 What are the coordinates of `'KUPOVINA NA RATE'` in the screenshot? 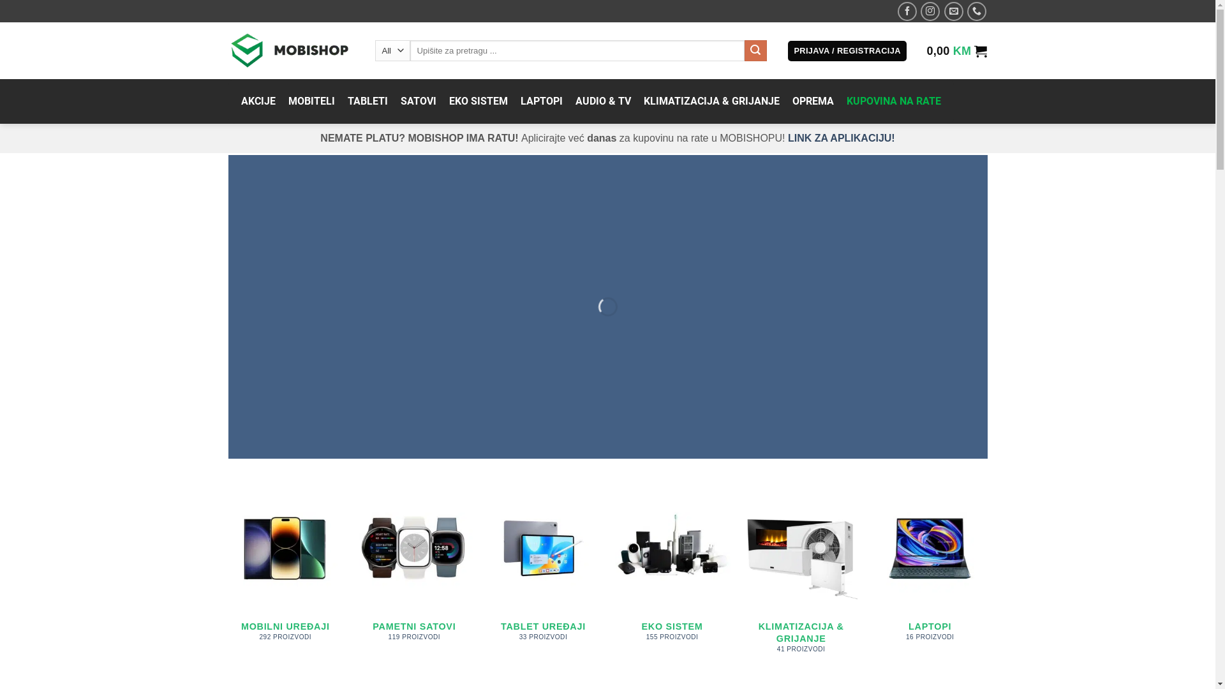 It's located at (893, 100).